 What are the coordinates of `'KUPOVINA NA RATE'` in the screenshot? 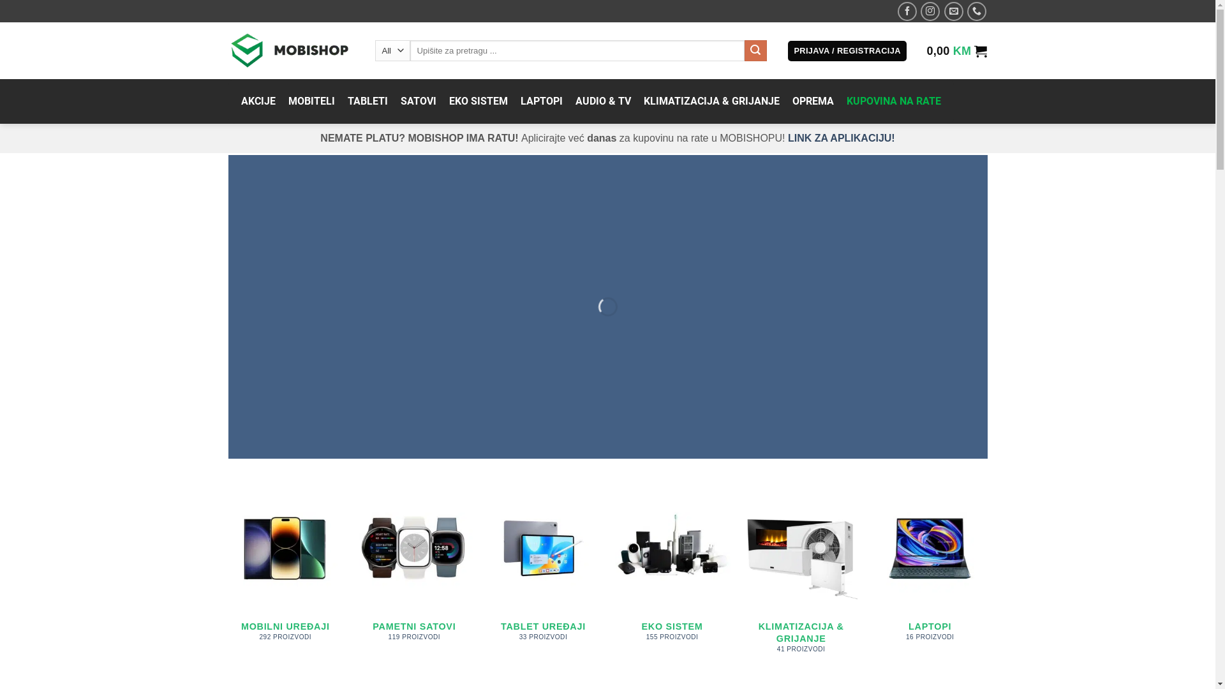 It's located at (893, 100).